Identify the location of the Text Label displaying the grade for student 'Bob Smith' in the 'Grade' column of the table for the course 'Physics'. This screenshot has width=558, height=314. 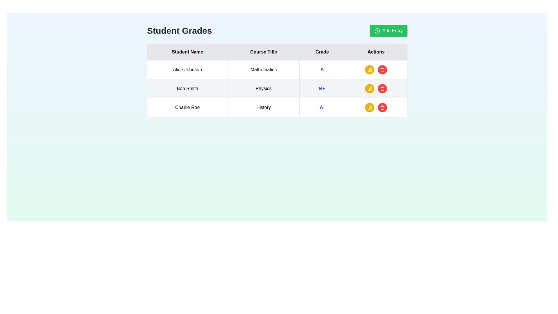
(322, 88).